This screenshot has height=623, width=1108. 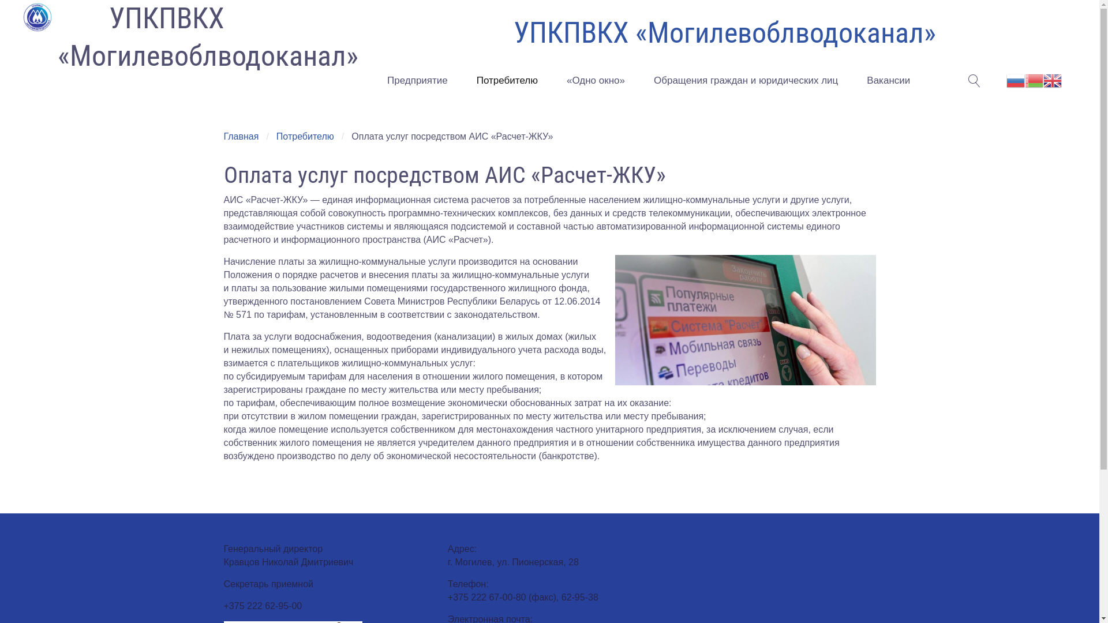 I want to click on 'Belarusian', so click(x=1034, y=79).